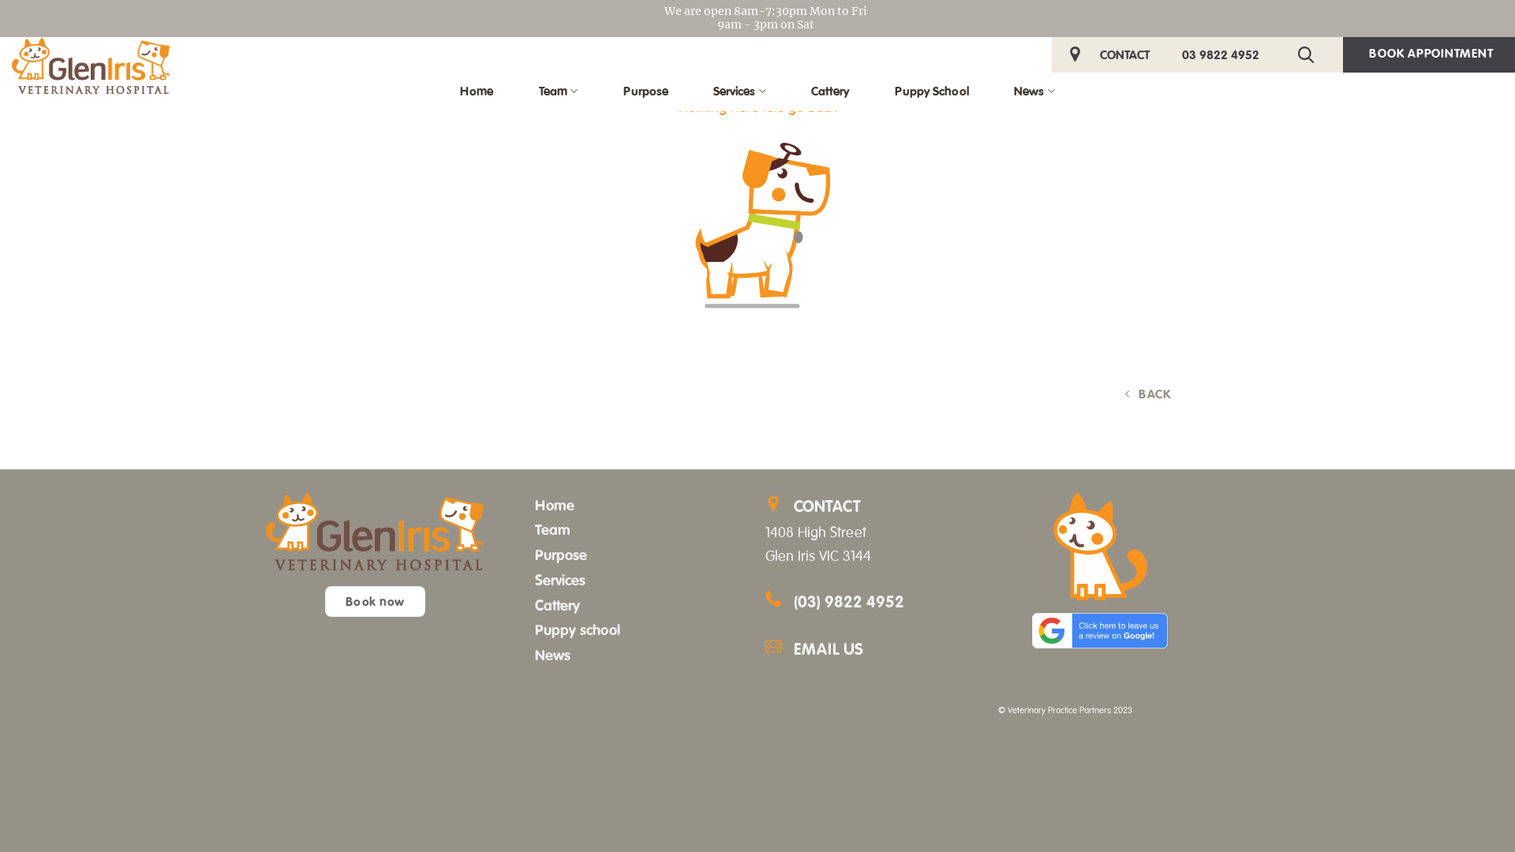 This screenshot has width=1515, height=852. I want to click on 'BACK', so click(1148, 393).